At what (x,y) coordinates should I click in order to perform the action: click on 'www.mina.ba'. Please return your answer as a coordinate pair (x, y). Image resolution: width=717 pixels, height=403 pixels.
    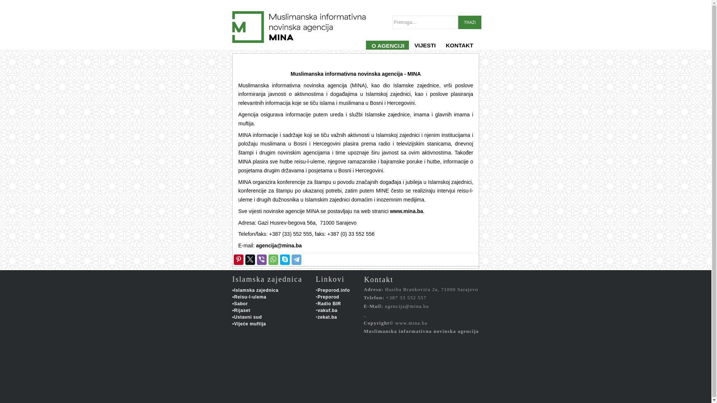
    Looking at the image, I should click on (406, 211).